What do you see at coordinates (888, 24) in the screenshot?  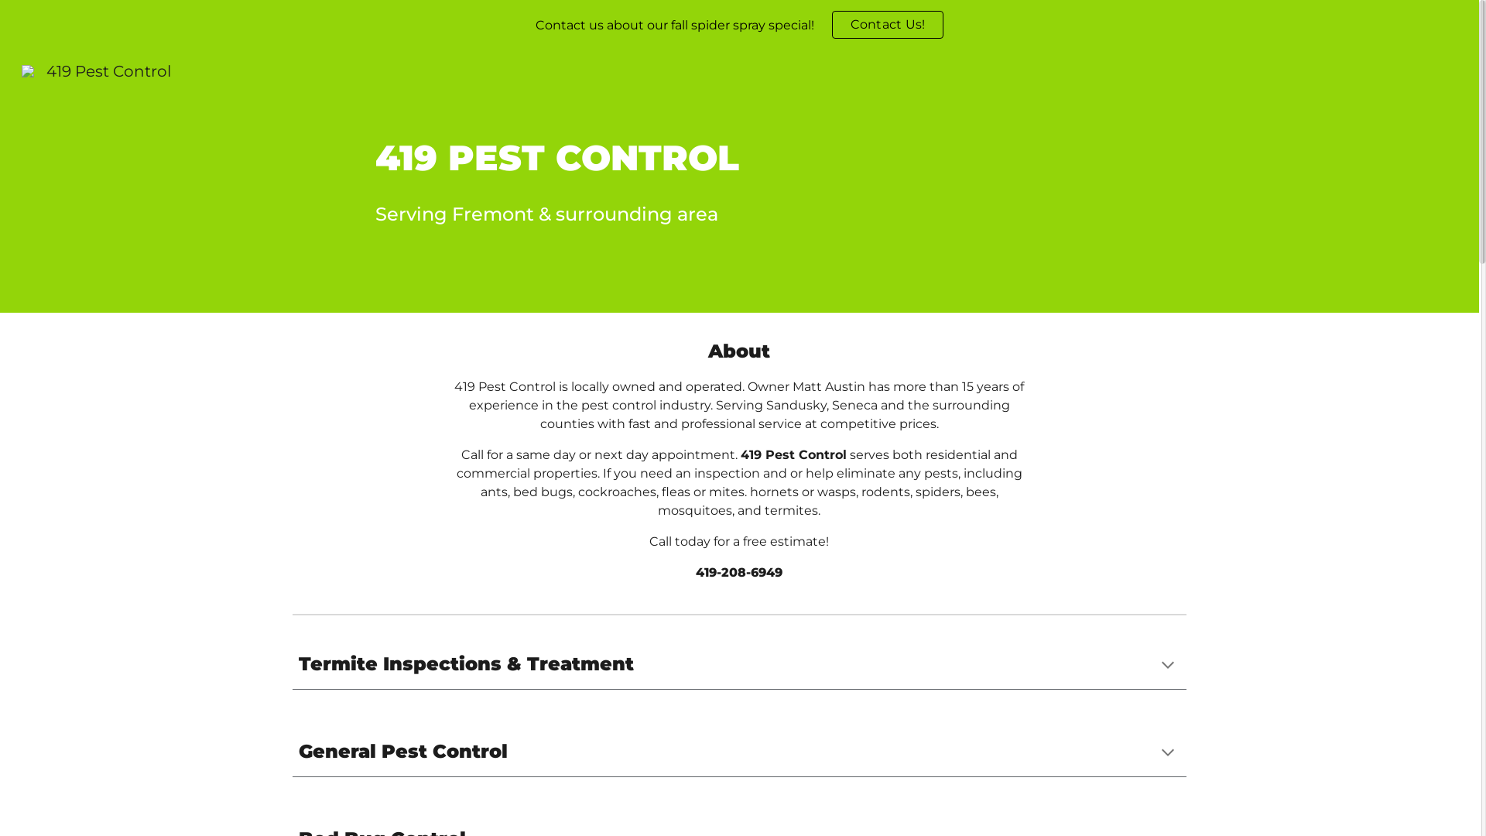 I see `'Contact Us!'` at bounding box center [888, 24].